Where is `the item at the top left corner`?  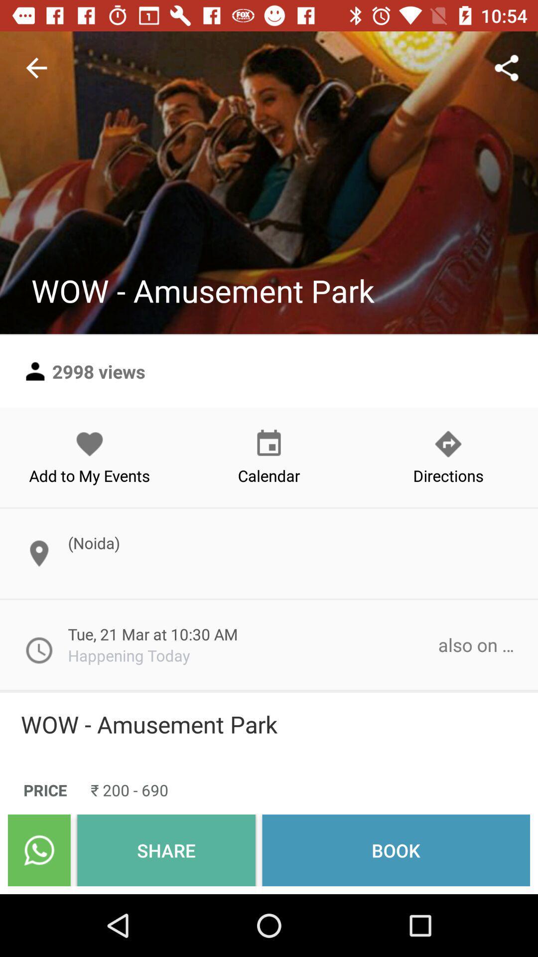
the item at the top left corner is located at coordinates (36, 67).